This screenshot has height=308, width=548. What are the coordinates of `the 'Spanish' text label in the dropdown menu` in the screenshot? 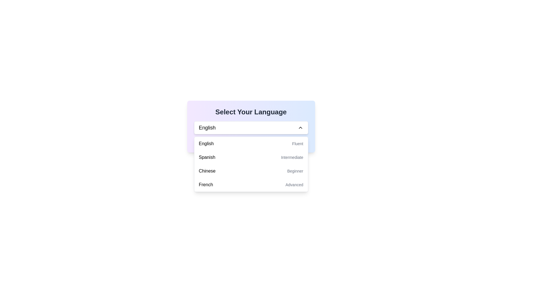 It's located at (207, 157).